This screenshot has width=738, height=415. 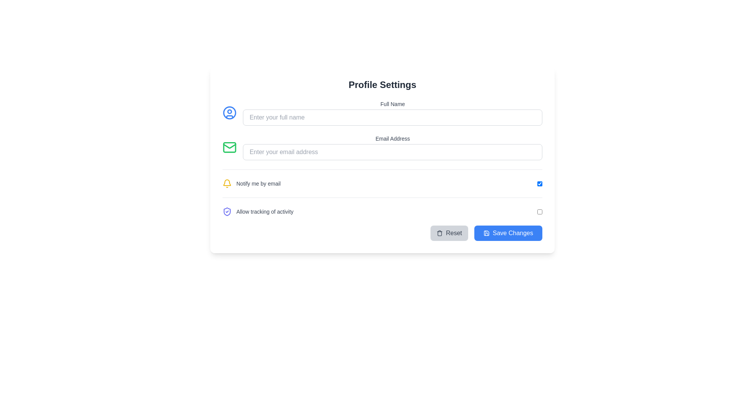 I want to click on the checkbox labeled 'Notify me by email', so click(x=382, y=179).